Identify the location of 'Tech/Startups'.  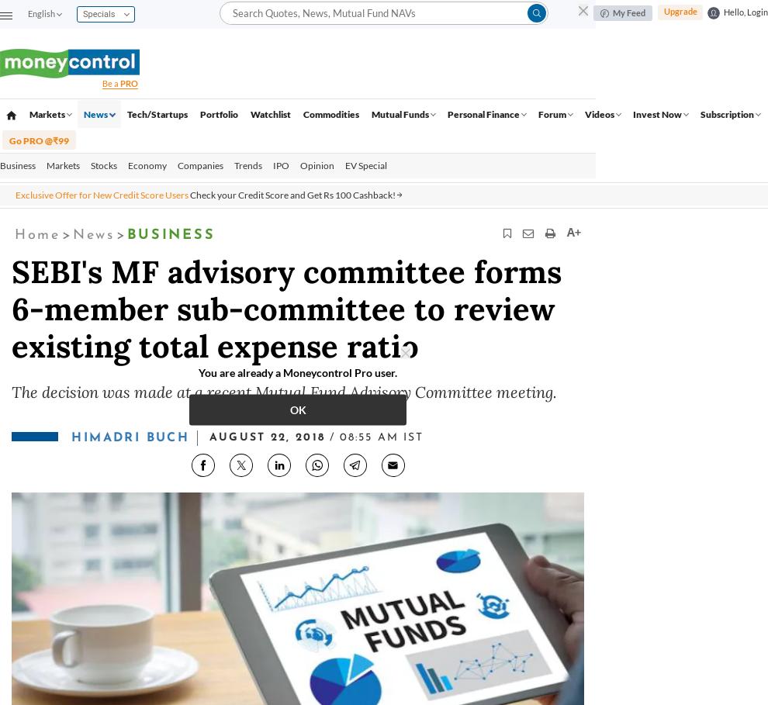
(155, 113).